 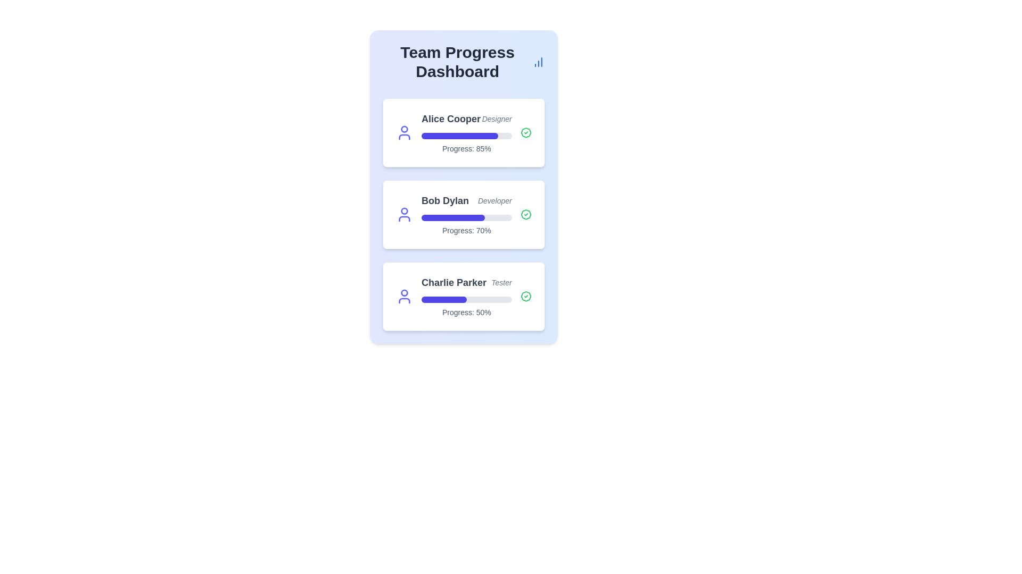 I want to click on the Badge Icon located to the right of the progress bar in the card associated with 'Bob Dylan, Developer' to indicate a verified or successfully completed status, so click(x=526, y=215).